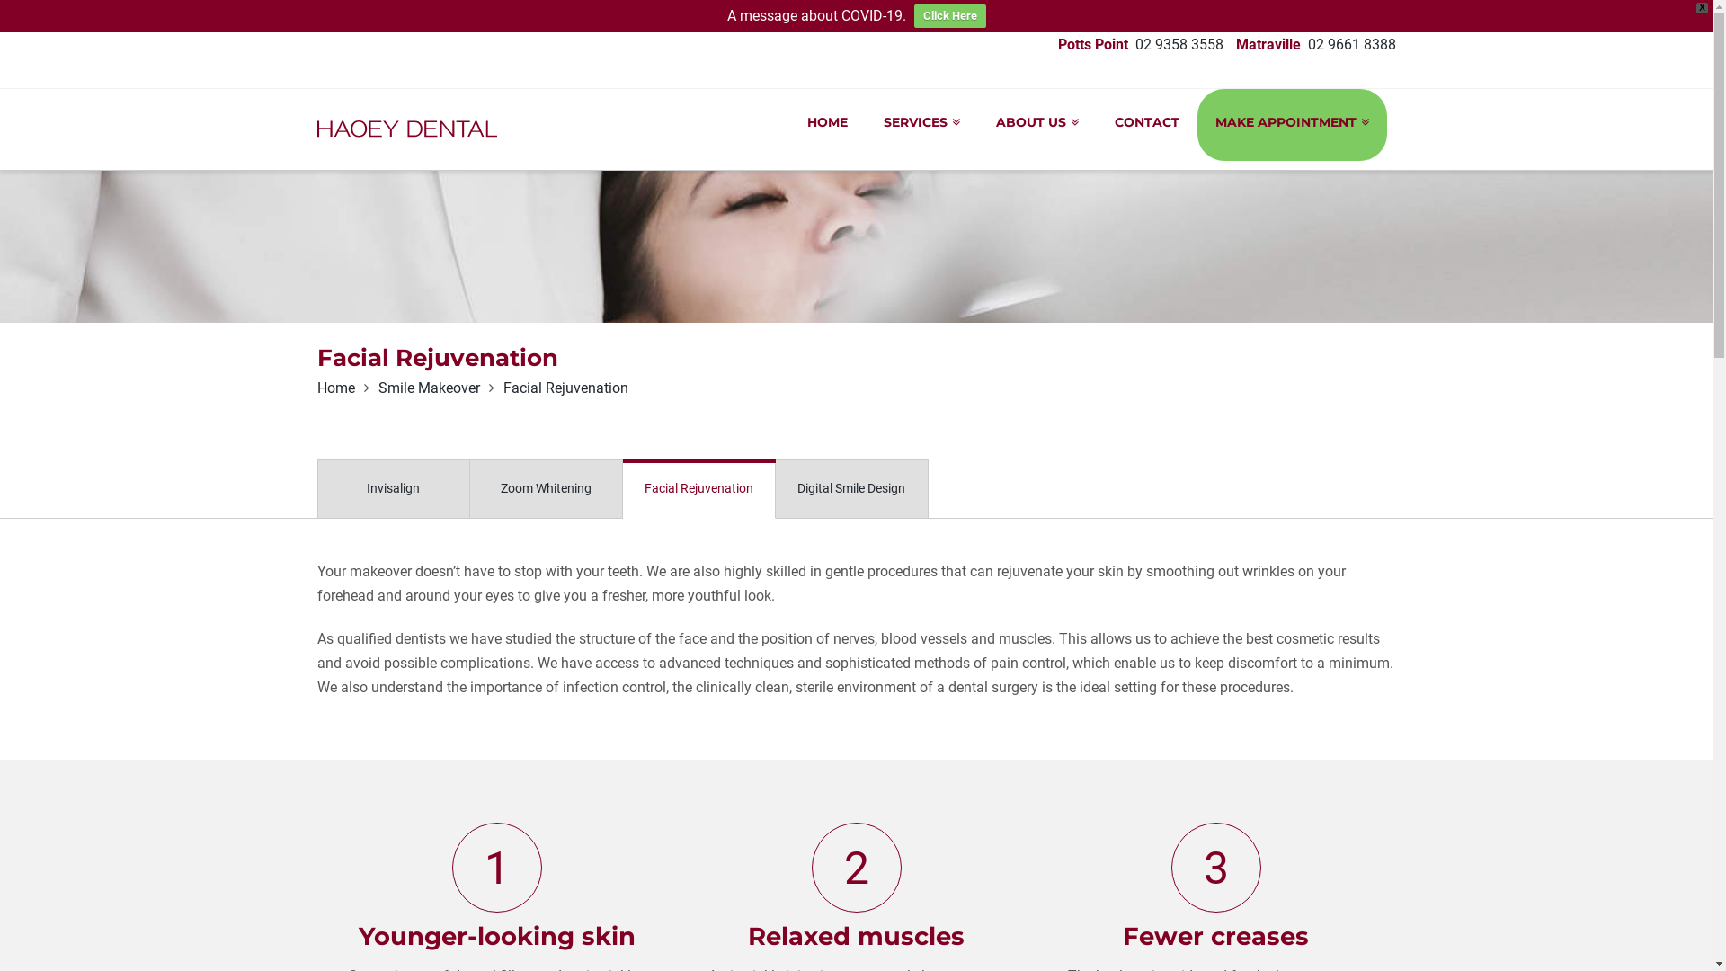 This screenshot has width=1726, height=971. What do you see at coordinates (427, 387) in the screenshot?
I see `'Smile Makeover'` at bounding box center [427, 387].